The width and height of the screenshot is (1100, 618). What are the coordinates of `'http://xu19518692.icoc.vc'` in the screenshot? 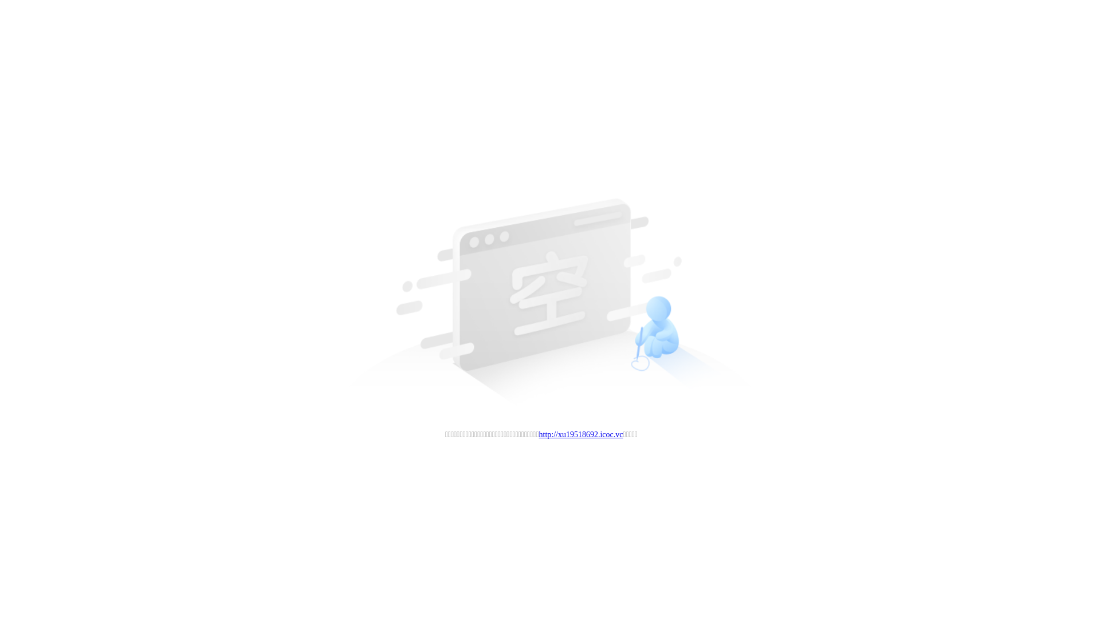 It's located at (581, 434).